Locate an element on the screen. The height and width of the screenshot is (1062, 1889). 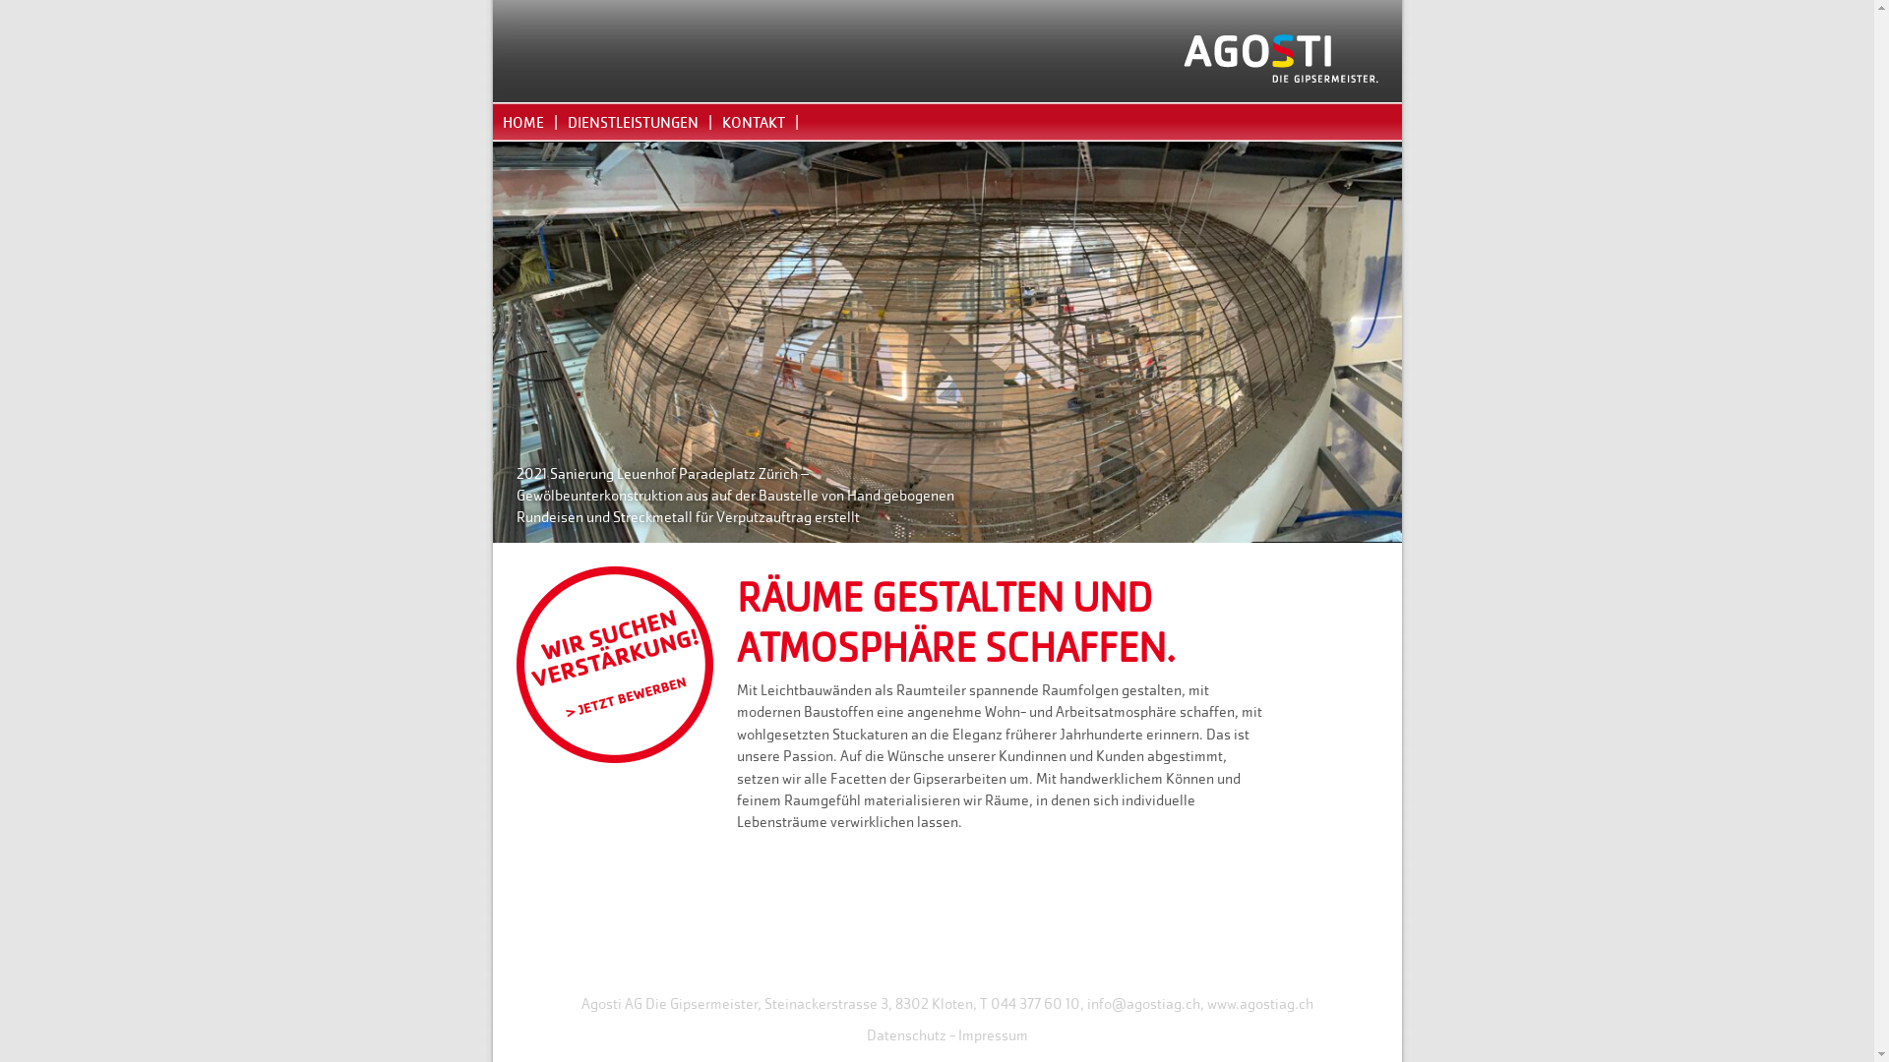
'Datenschutz' is located at coordinates (904, 1033).